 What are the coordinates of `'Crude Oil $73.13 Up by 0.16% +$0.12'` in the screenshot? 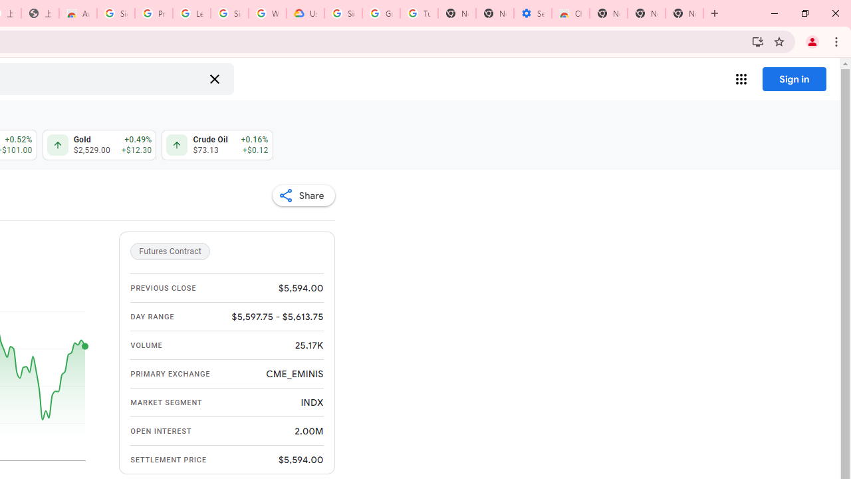 It's located at (217, 145).